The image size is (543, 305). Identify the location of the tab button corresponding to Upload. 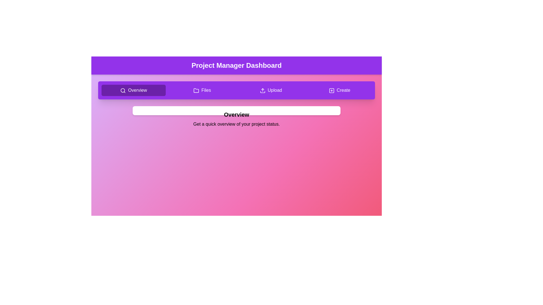
(270, 90).